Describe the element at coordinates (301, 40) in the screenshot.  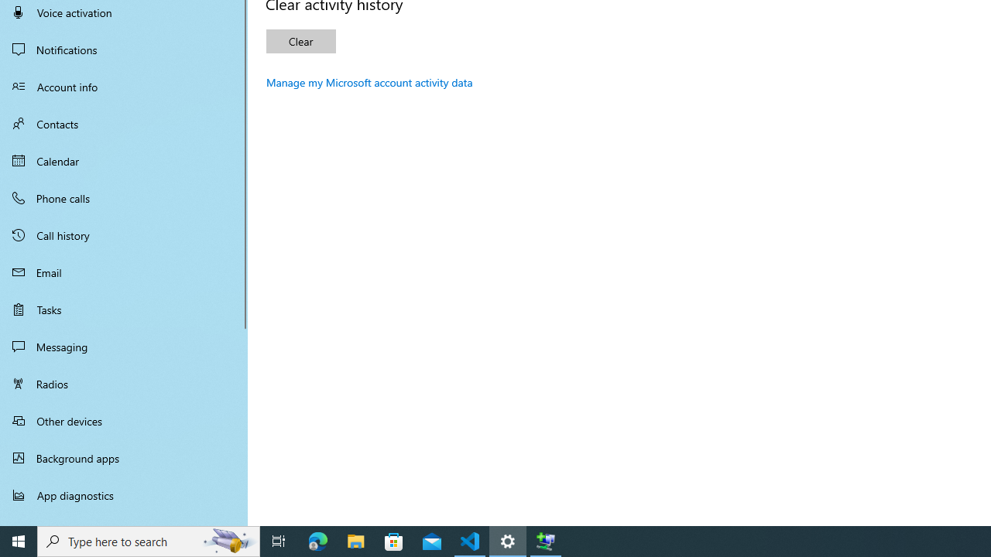
I see `'Clear'` at that location.